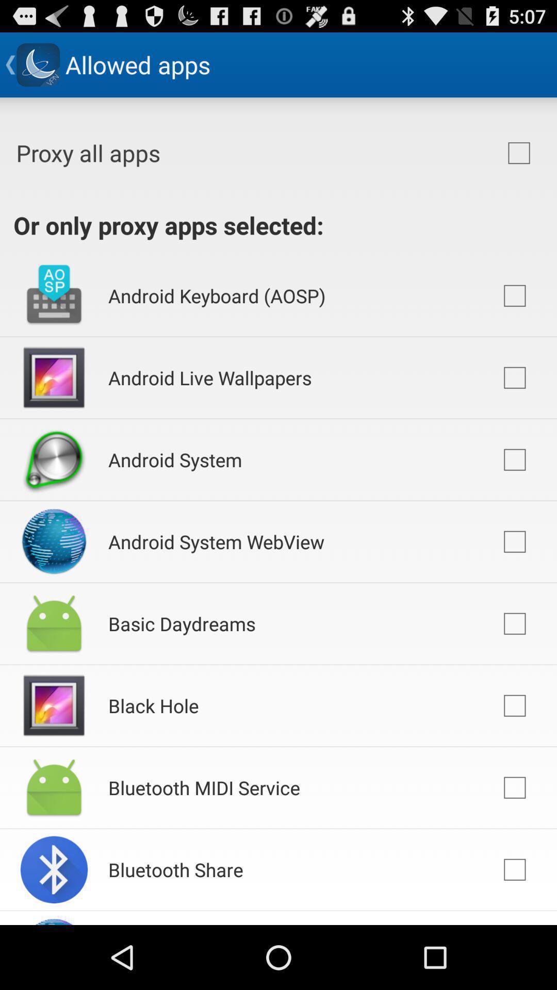 The image size is (557, 990). Describe the element at coordinates (209, 377) in the screenshot. I see `icon above android system icon` at that location.